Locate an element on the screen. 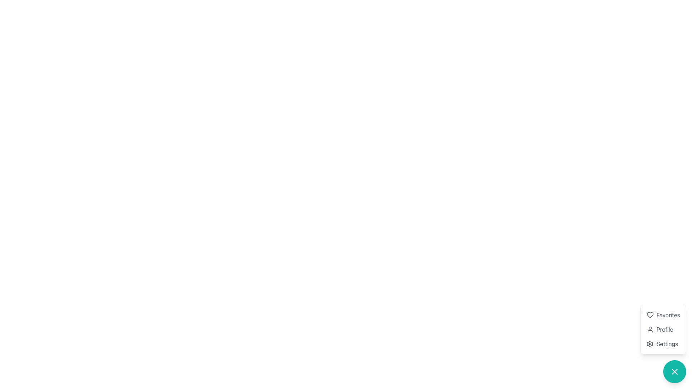  the 'Settings' icon located in the dropdown menu at the bottom-right corner of the interface is located at coordinates (650, 344).